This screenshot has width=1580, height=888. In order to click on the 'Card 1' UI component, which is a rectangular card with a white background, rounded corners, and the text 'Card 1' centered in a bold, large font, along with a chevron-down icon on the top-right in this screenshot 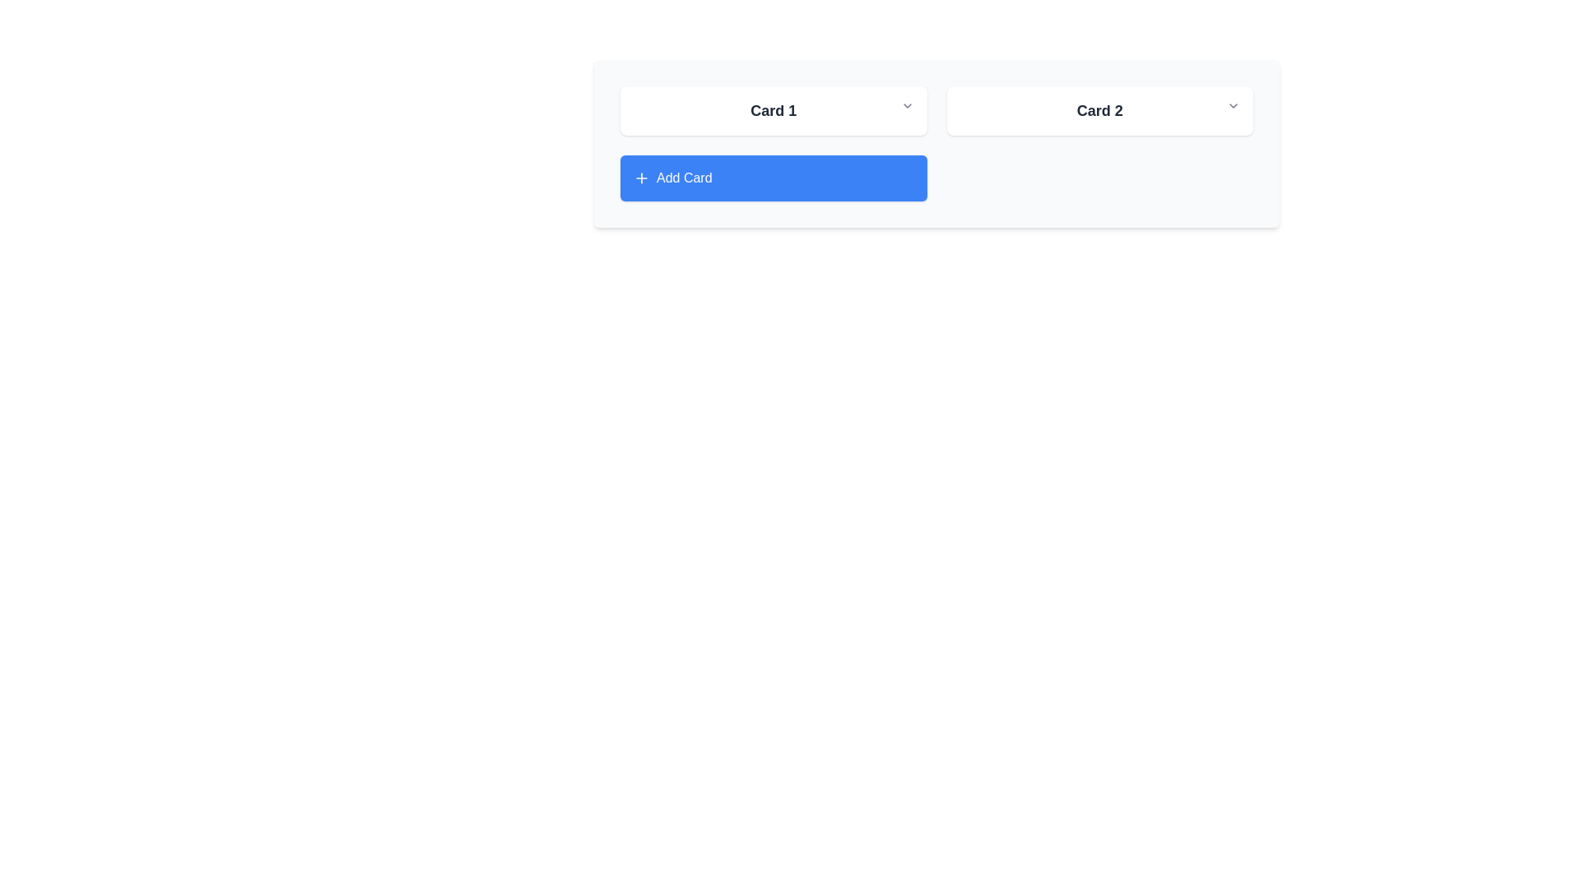, I will do `click(773, 111)`.